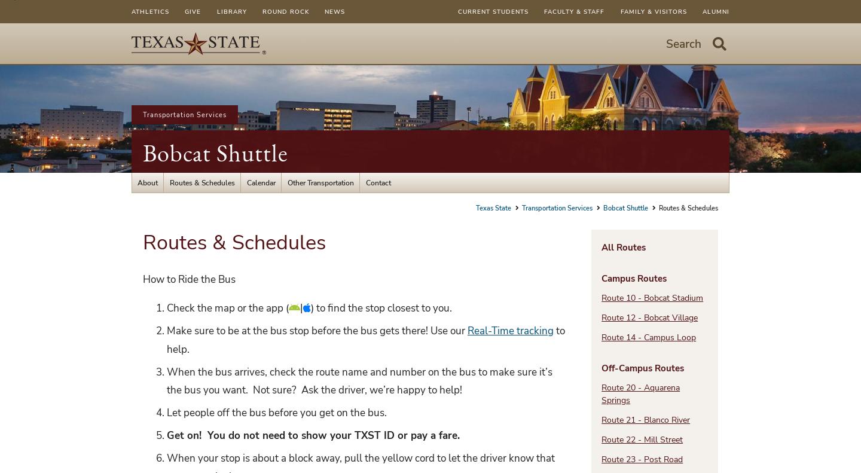 This screenshot has height=473, width=861. What do you see at coordinates (166, 330) in the screenshot?
I see `'Make sure to be at the bus stop before the bus gets there! Use our'` at bounding box center [166, 330].